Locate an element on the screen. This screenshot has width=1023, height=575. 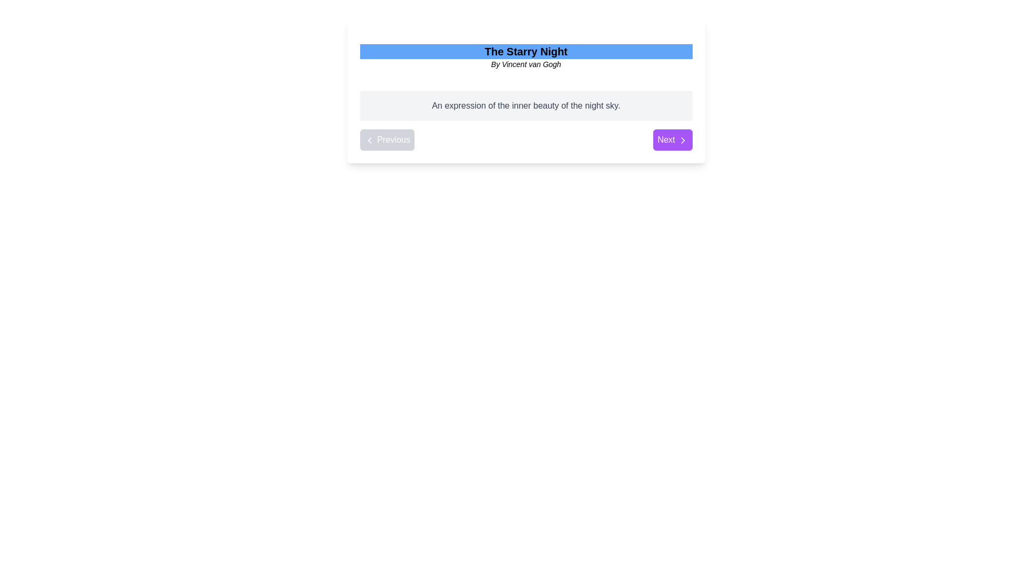
the static text element that reads 'The Starry Night', which is bold and large in black on a blue background is located at coordinates (526, 51).